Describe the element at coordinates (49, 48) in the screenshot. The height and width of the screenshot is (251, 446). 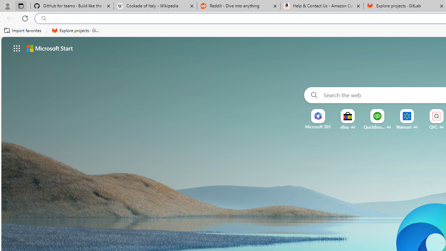
I see `'Microsoft start'` at that location.